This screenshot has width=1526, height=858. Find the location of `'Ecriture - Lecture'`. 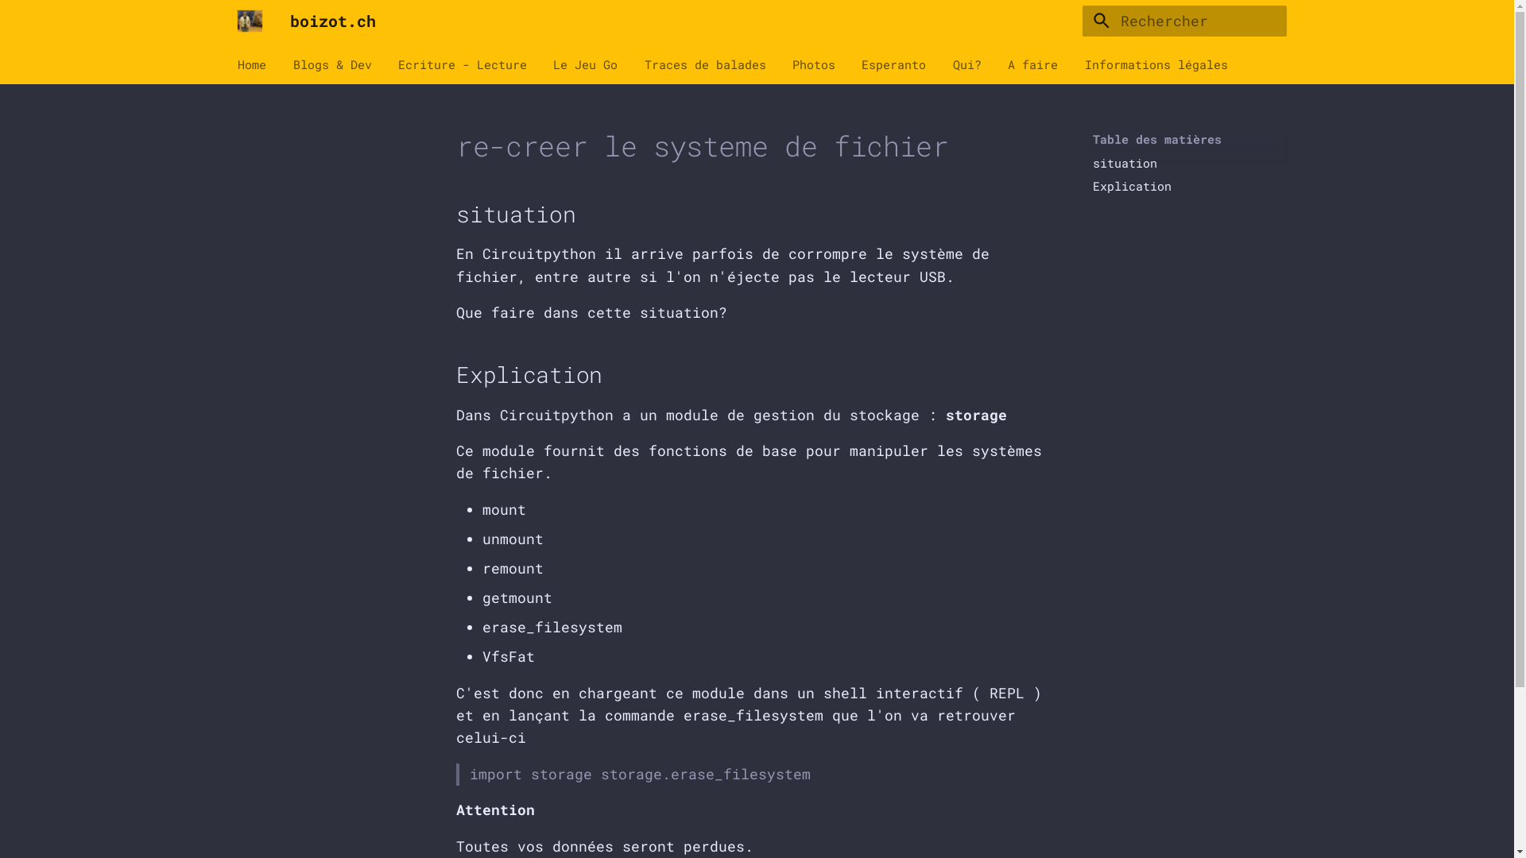

'Ecriture - Lecture' is located at coordinates (461, 63).